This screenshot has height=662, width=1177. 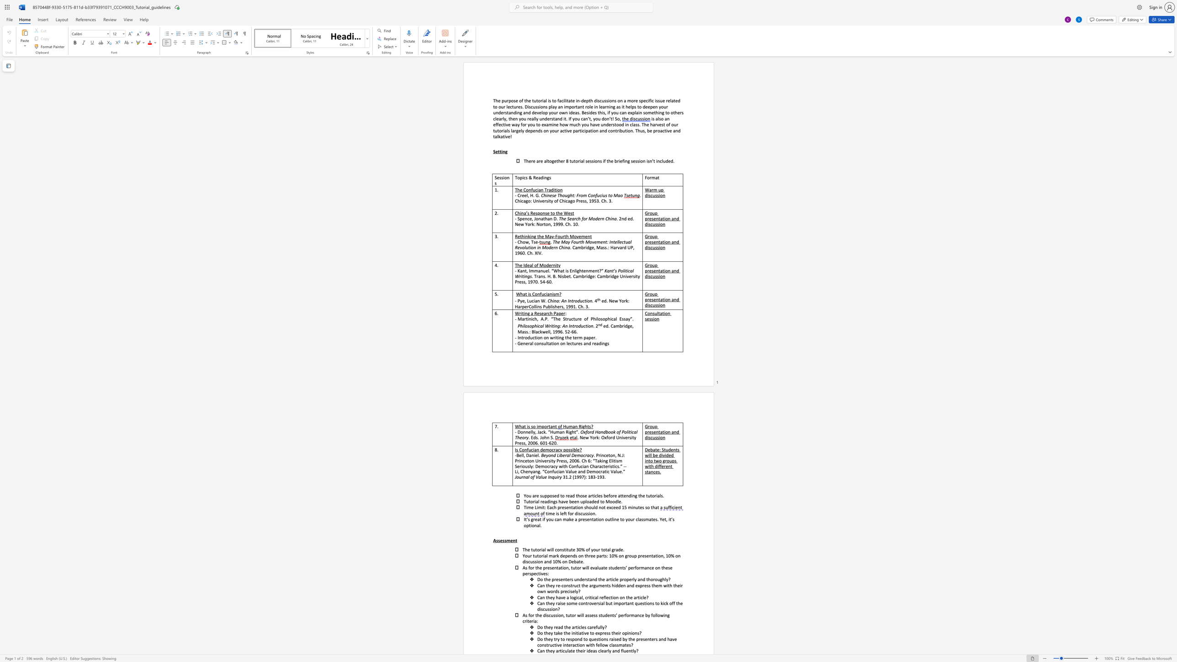 What do you see at coordinates (660, 195) in the screenshot?
I see `the subset text "on" within the text "Warm up discussion"` at bounding box center [660, 195].